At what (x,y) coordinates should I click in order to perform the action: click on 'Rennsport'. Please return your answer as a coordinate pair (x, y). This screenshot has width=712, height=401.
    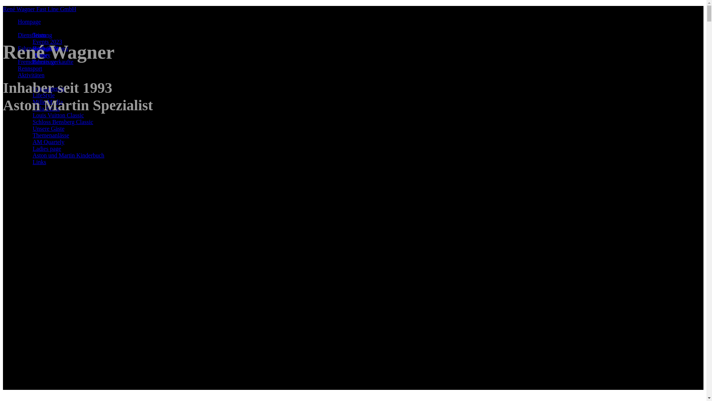
    Looking at the image, I should click on (30, 68).